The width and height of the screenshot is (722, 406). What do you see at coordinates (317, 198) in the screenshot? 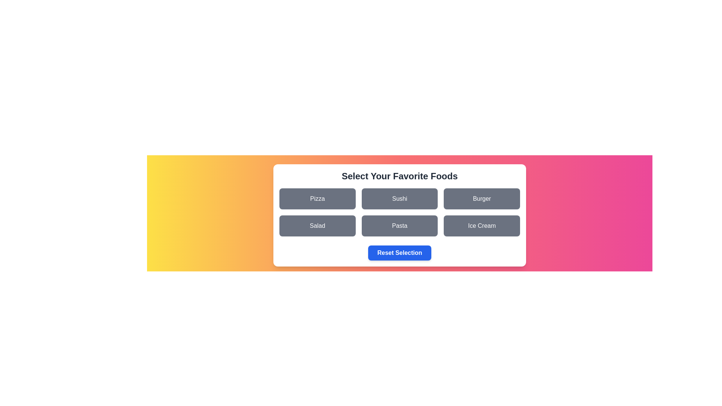
I see `the food item Pizza` at bounding box center [317, 198].